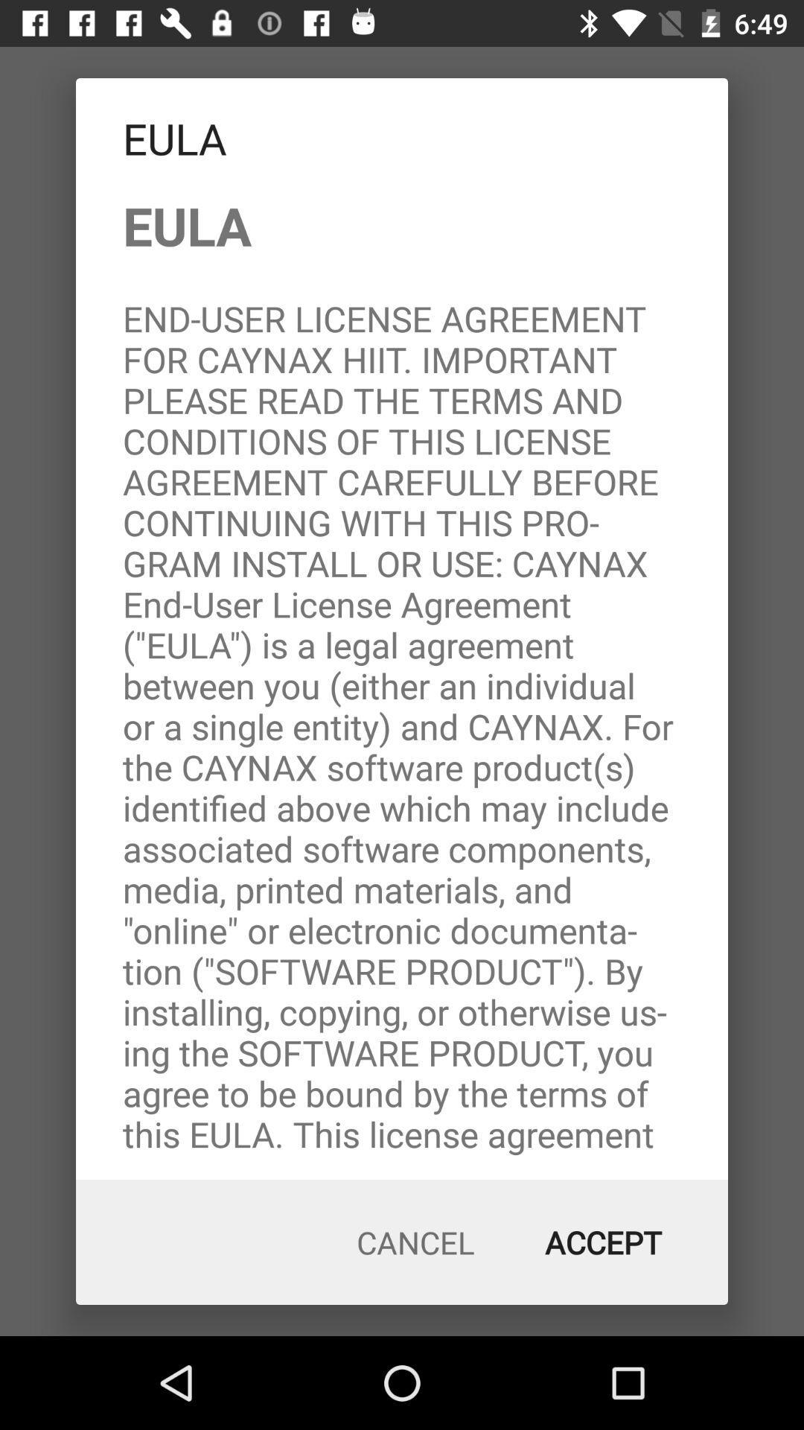  What do you see at coordinates (415, 1242) in the screenshot?
I see `icon next to the accept button` at bounding box center [415, 1242].